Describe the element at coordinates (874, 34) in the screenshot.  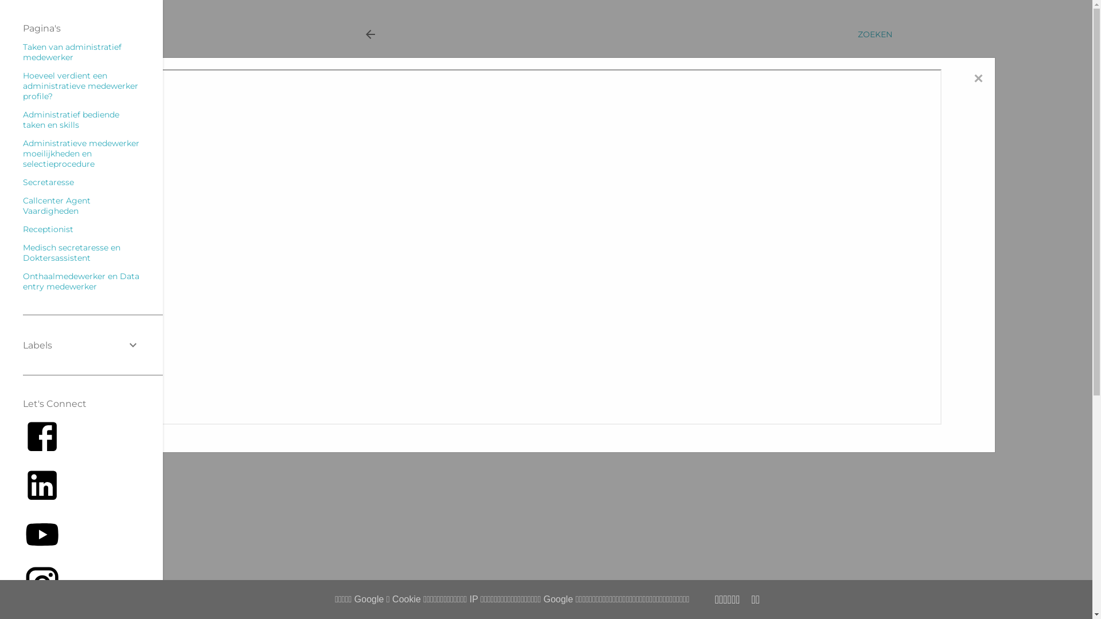
I see `'ZOEKEN'` at that location.